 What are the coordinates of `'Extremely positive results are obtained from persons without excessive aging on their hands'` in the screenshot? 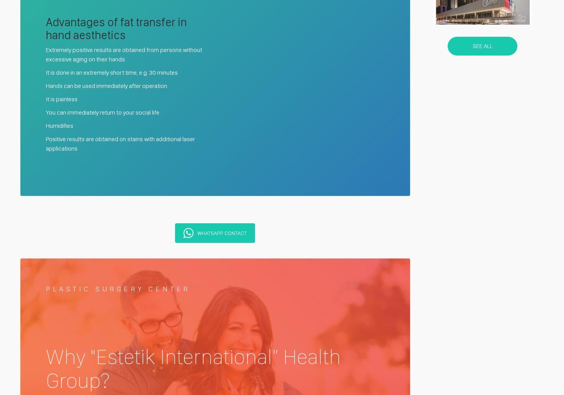 It's located at (124, 54).